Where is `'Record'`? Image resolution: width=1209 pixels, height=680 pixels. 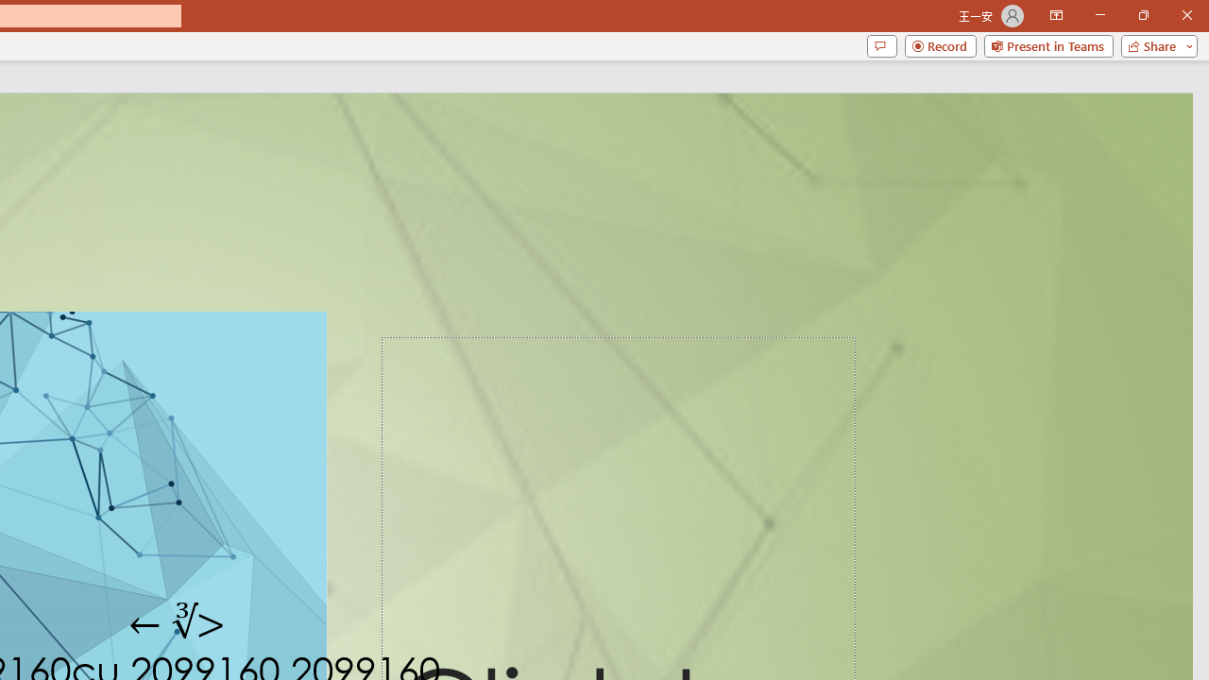 'Record' is located at coordinates (940, 44).